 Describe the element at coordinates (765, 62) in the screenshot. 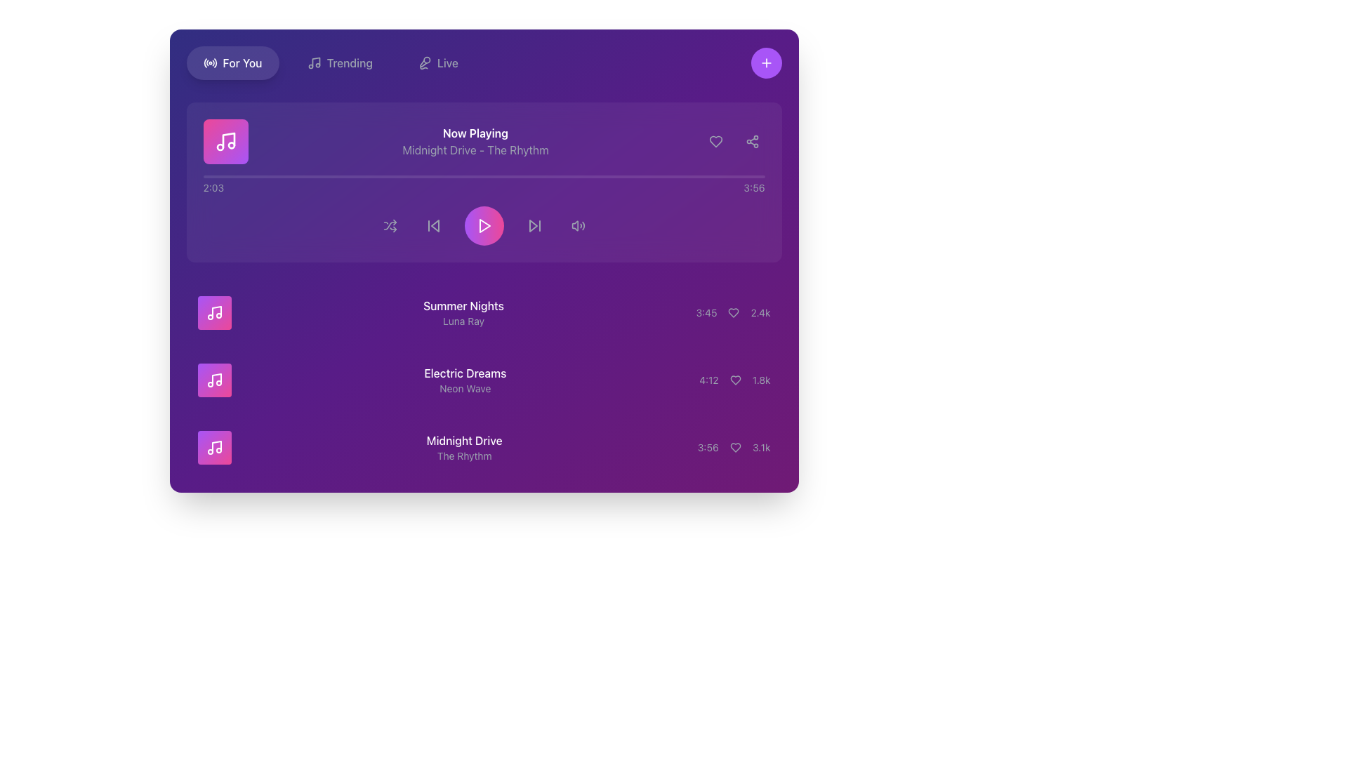

I see `the 'add' button located at the top-right corner of the music information panel` at that location.